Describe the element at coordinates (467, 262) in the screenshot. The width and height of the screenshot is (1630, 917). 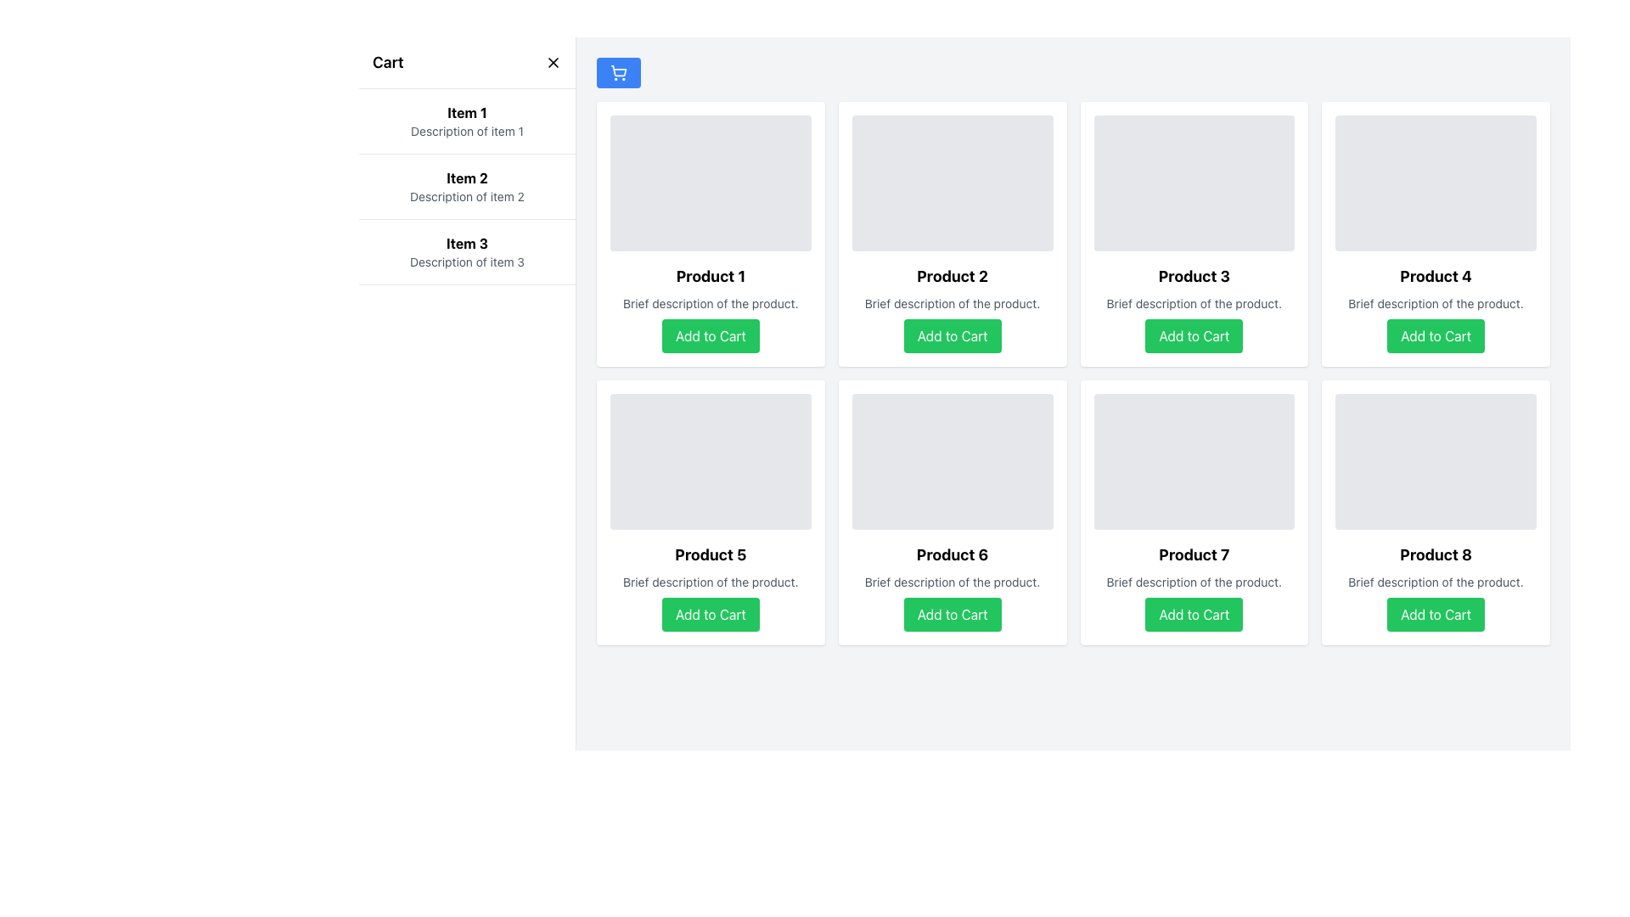
I see `the label that provides supplementary text for 'Item 3' in the cart, located directly below 'Item 3' in the cart section` at that location.